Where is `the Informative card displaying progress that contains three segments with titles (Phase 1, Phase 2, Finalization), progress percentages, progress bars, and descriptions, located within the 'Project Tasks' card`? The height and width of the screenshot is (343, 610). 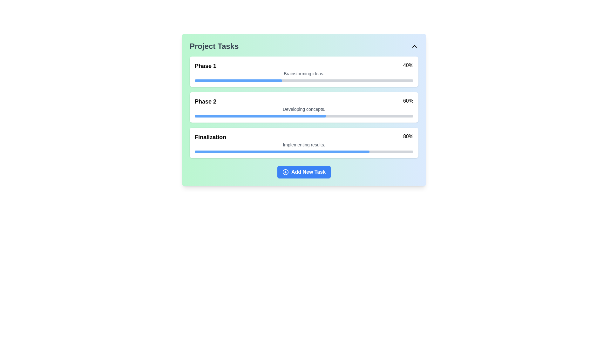
the Informative card displaying progress that contains three segments with titles (Phase 1, Phase 2, Finalization), progress percentages, progress bars, and descriptions, located within the 'Project Tasks' card is located at coordinates (303, 107).